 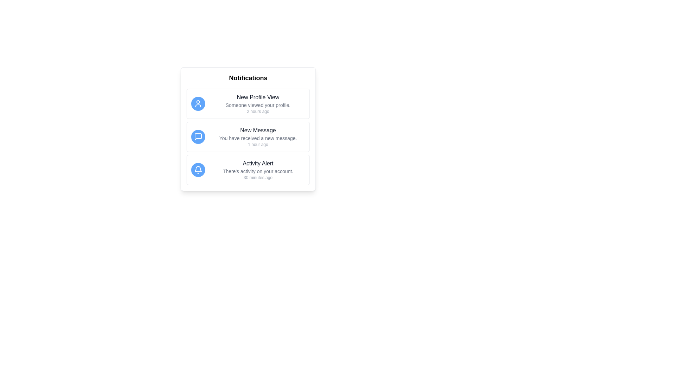 What do you see at coordinates (258, 97) in the screenshot?
I see `the 'New Profile View' text label in the Notifications interface card, which is the first notification title` at bounding box center [258, 97].